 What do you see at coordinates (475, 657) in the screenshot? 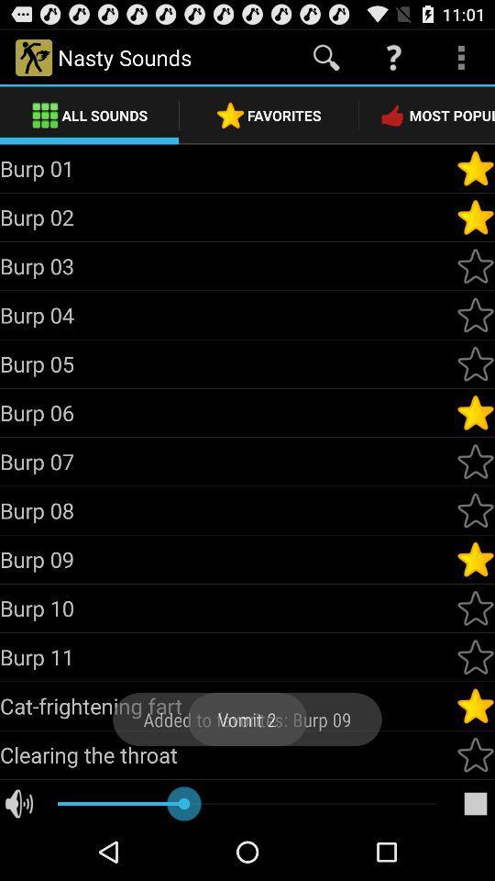
I see `to favorites` at bounding box center [475, 657].